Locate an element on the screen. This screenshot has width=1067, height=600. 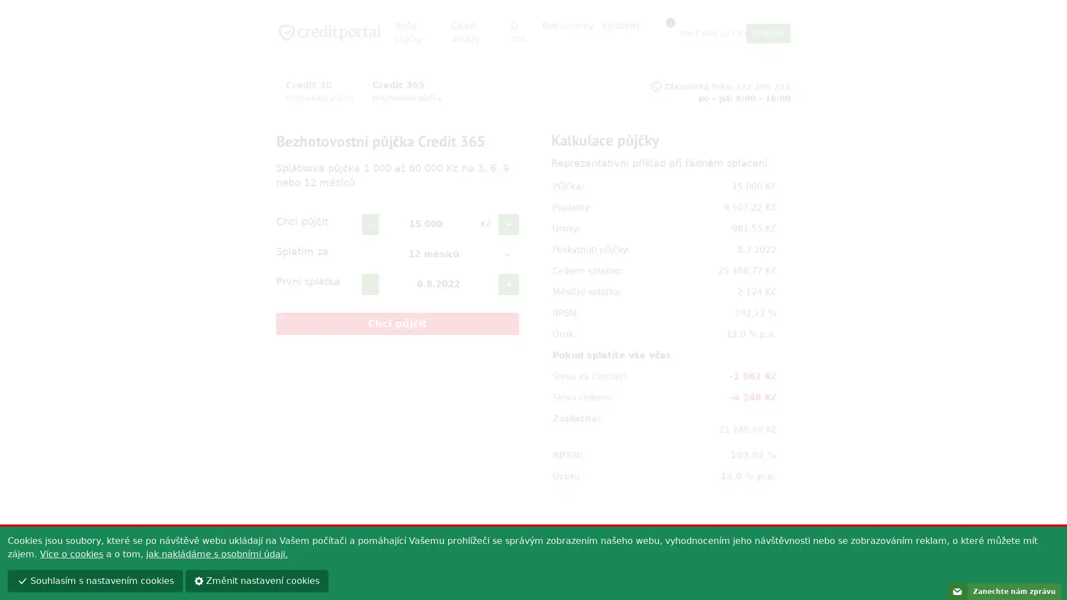
- is located at coordinates (370, 283).